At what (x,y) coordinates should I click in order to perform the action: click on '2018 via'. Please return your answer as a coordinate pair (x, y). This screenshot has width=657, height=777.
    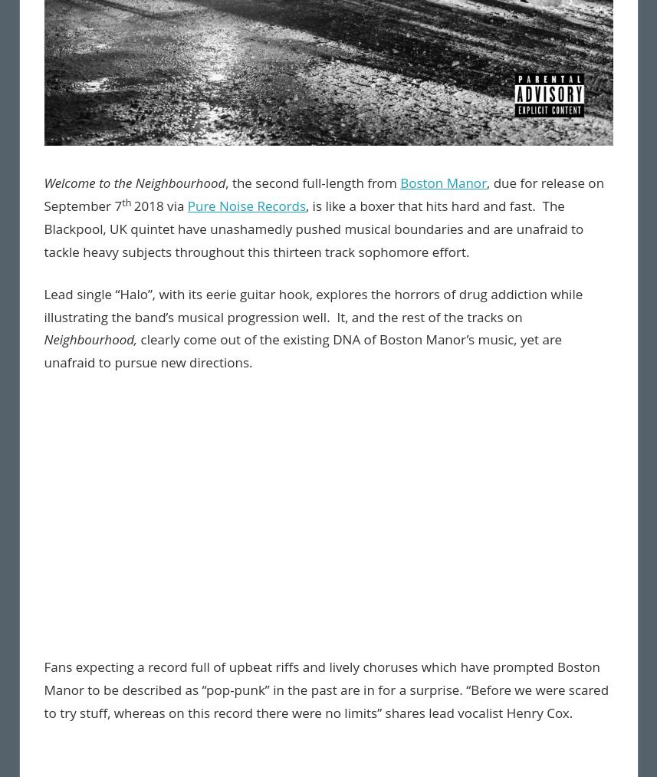
    Looking at the image, I should click on (159, 205).